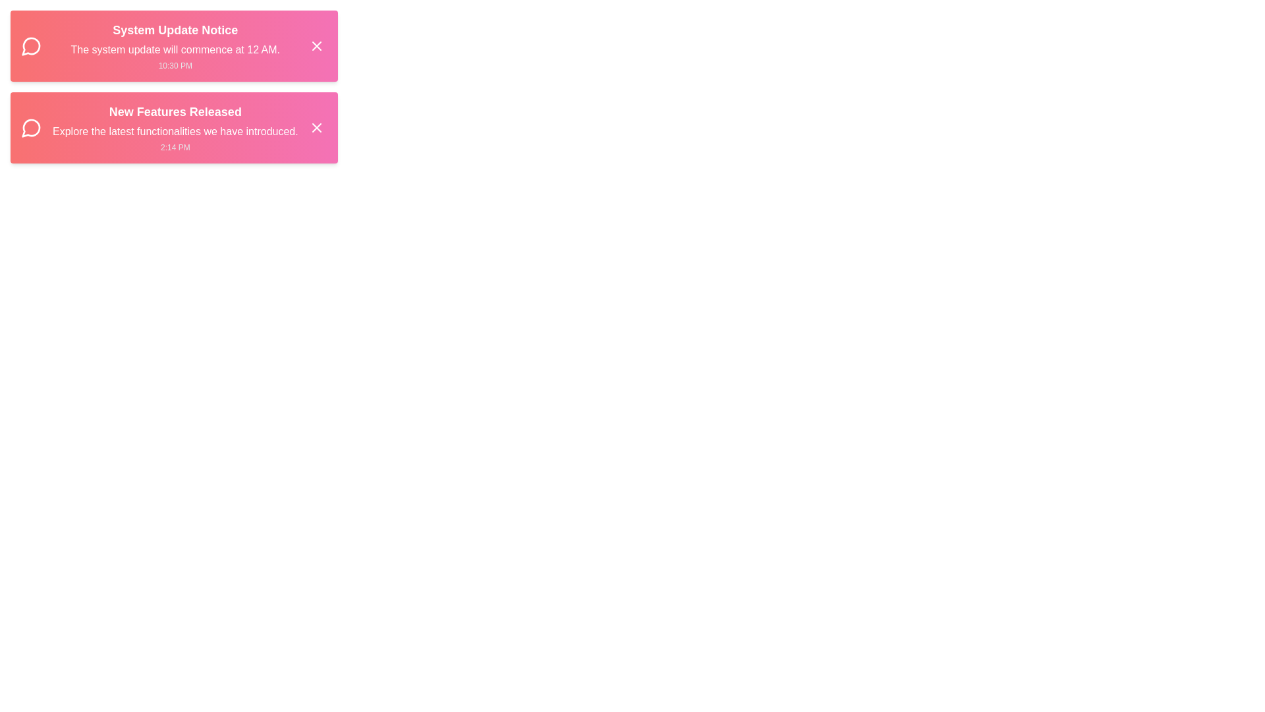 This screenshot has width=1265, height=712. I want to click on the timestamp of the alert with the title System Update Notice, so click(174, 66).